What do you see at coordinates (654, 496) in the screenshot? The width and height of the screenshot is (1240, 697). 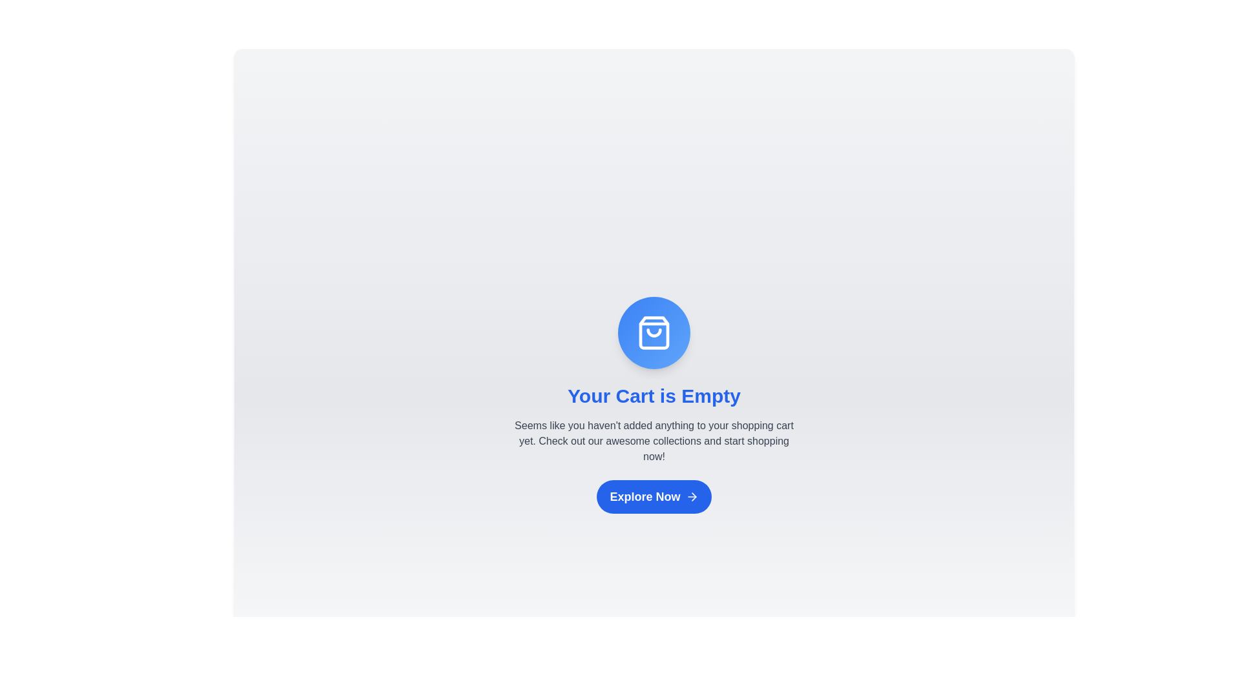 I see `the rounded blue button labeled 'Explore Now'` at bounding box center [654, 496].